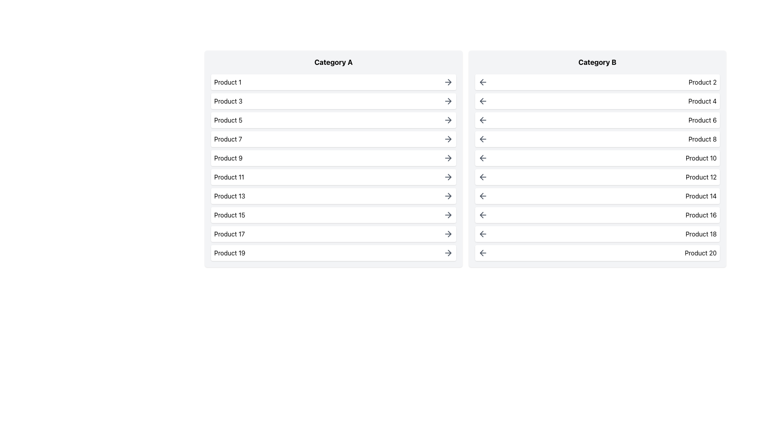 The height and width of the screenshot is (427, 759). What do you see at coordinates (229, 215) in the screenshot?
I see `text element displaying 'Product 15' located in the 8th position under 'Category A'` at bounding box center [229, 215].